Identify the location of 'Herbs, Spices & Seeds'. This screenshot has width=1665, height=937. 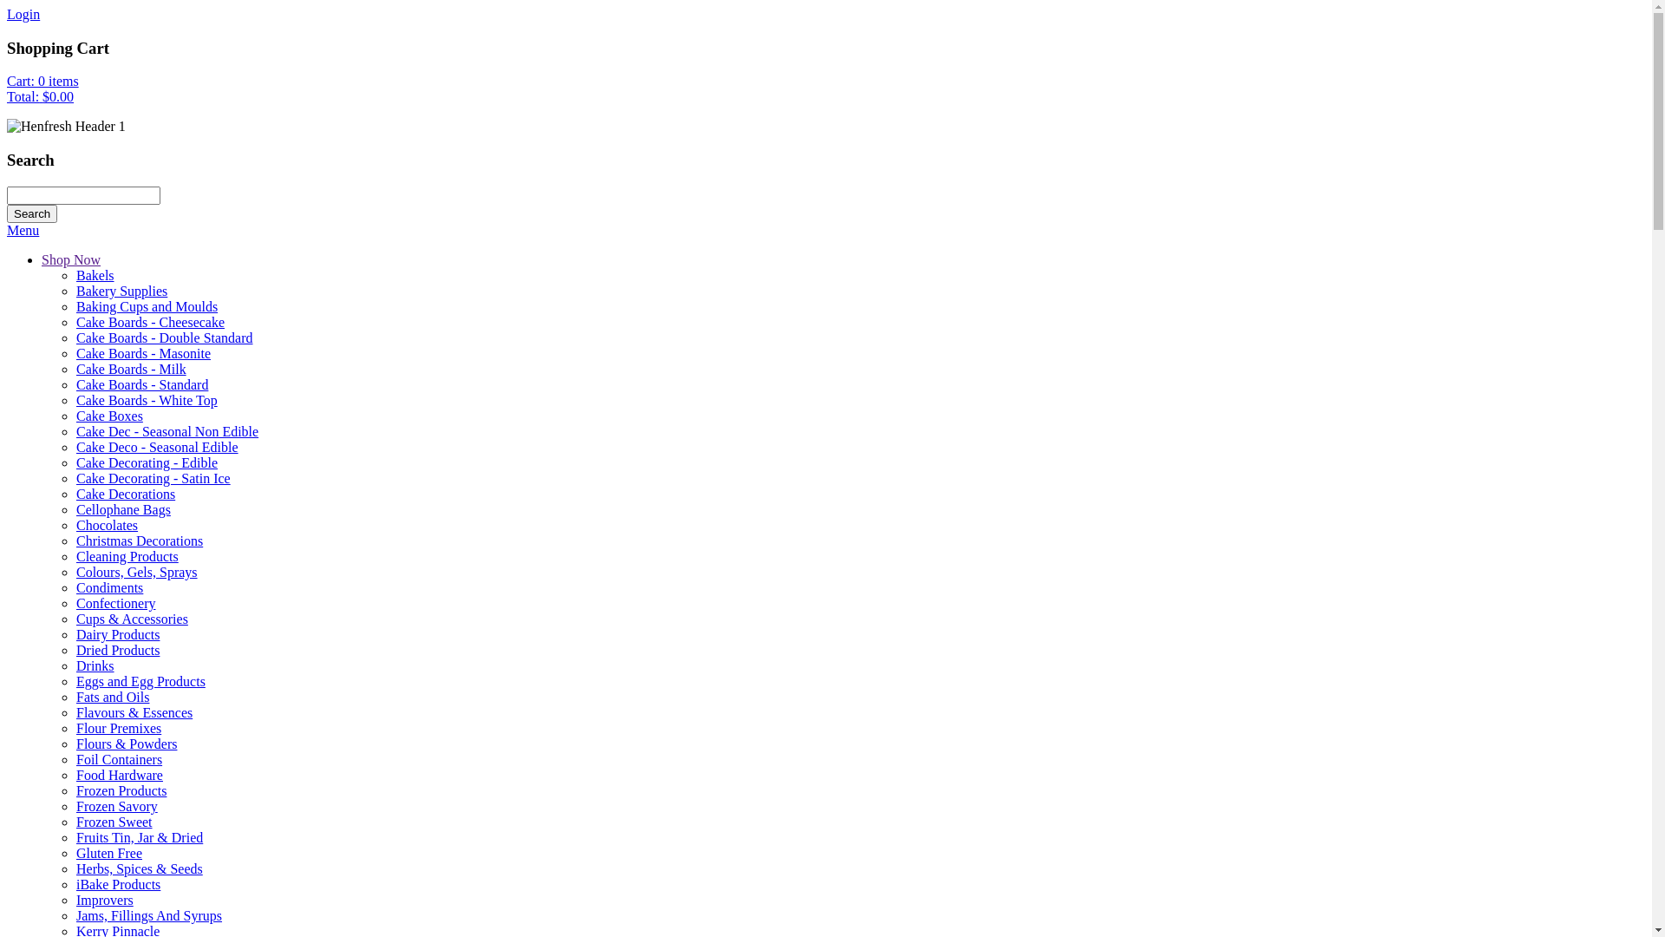
(75, 868).